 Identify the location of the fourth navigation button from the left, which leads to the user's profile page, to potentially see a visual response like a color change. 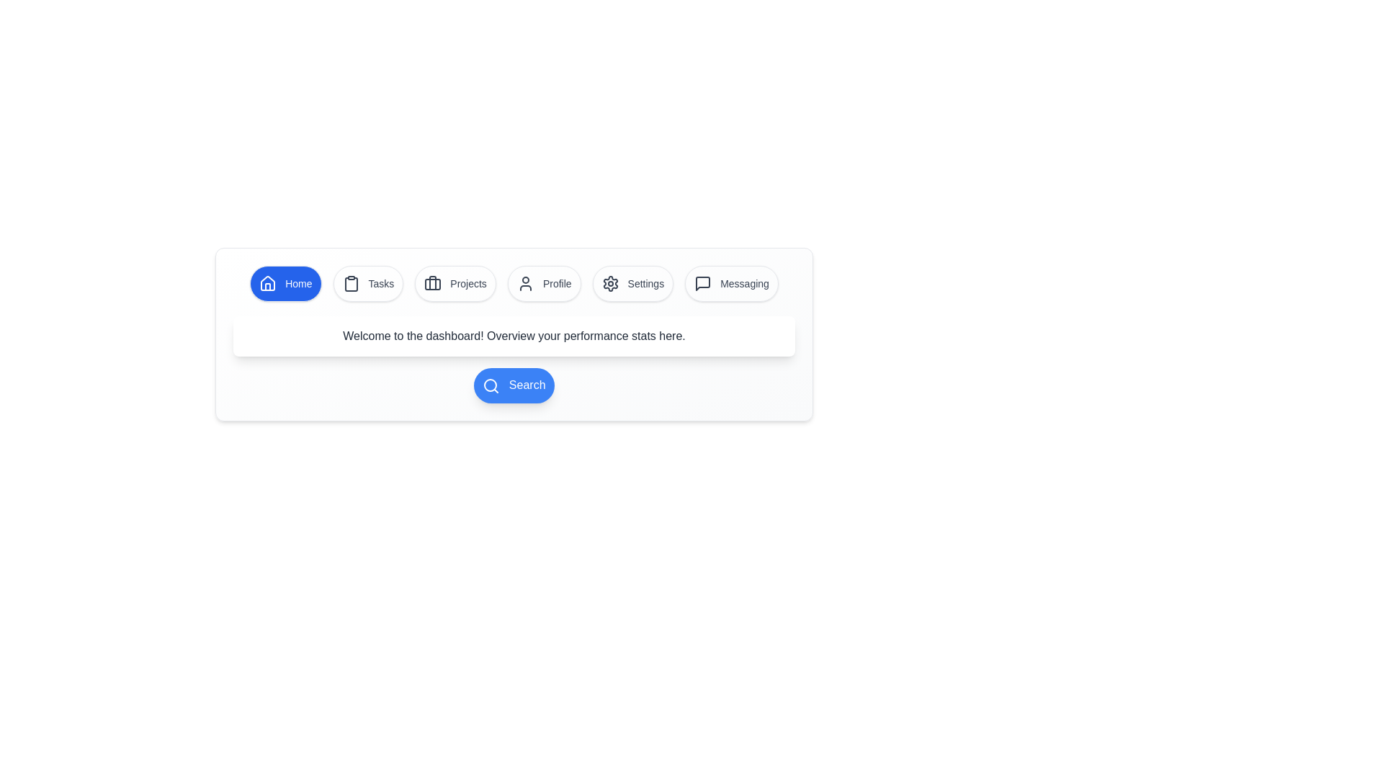
(543, 283).